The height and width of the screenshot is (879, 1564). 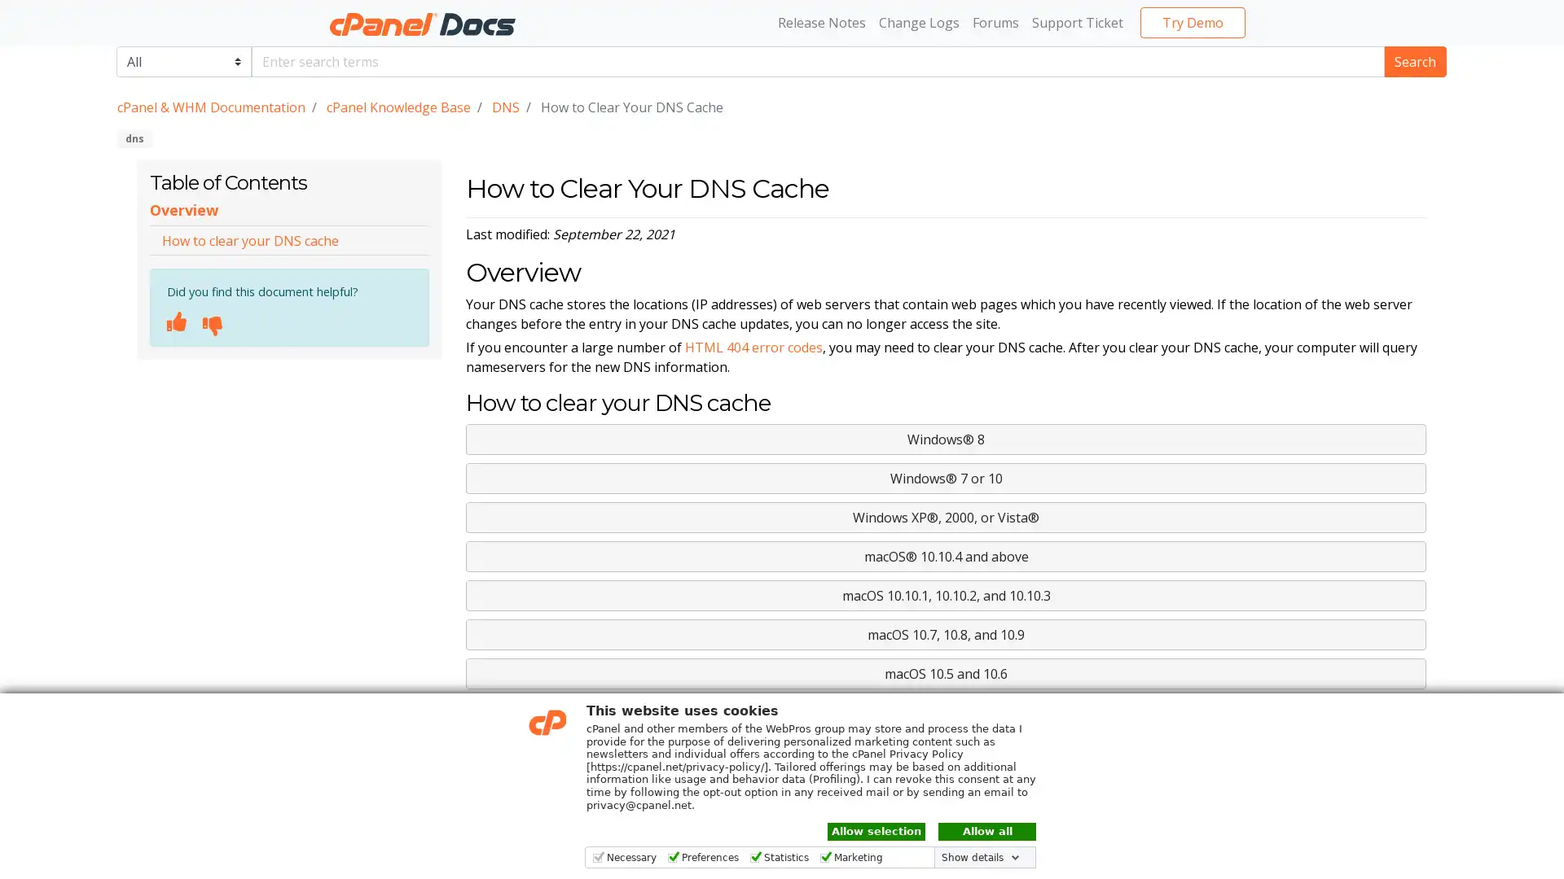 I want to click on Red Hat Enterprise Linux, CentOS, and related Linux releases, so click(x=946, y=790).